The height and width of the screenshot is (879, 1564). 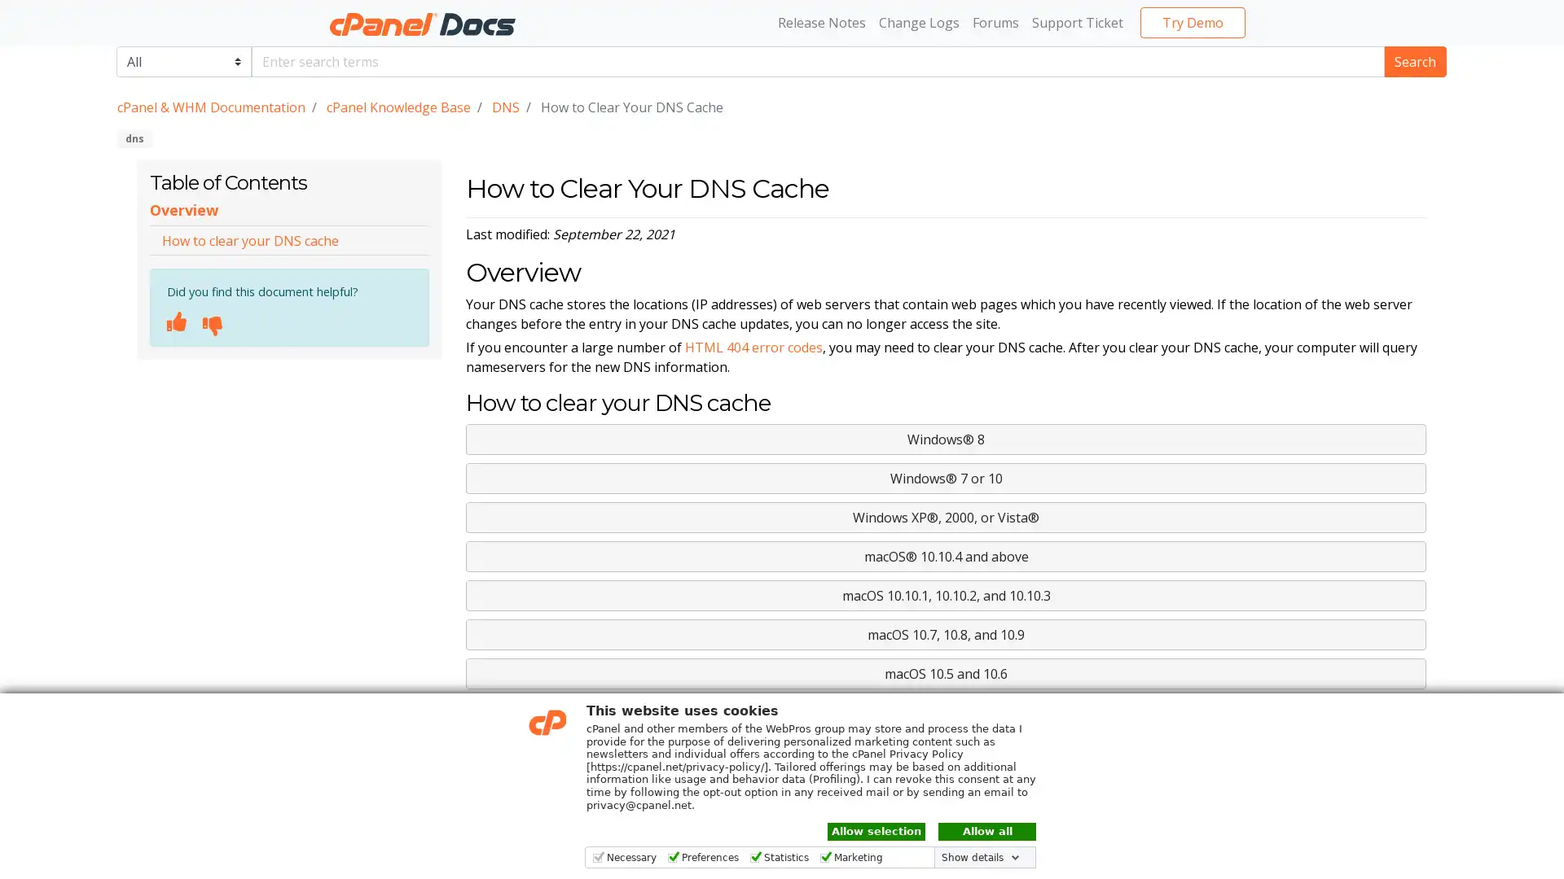 I want to click on Red Hat Enterprise Linux, CentOS, and related Linux releases, so click(x=946, y=790).